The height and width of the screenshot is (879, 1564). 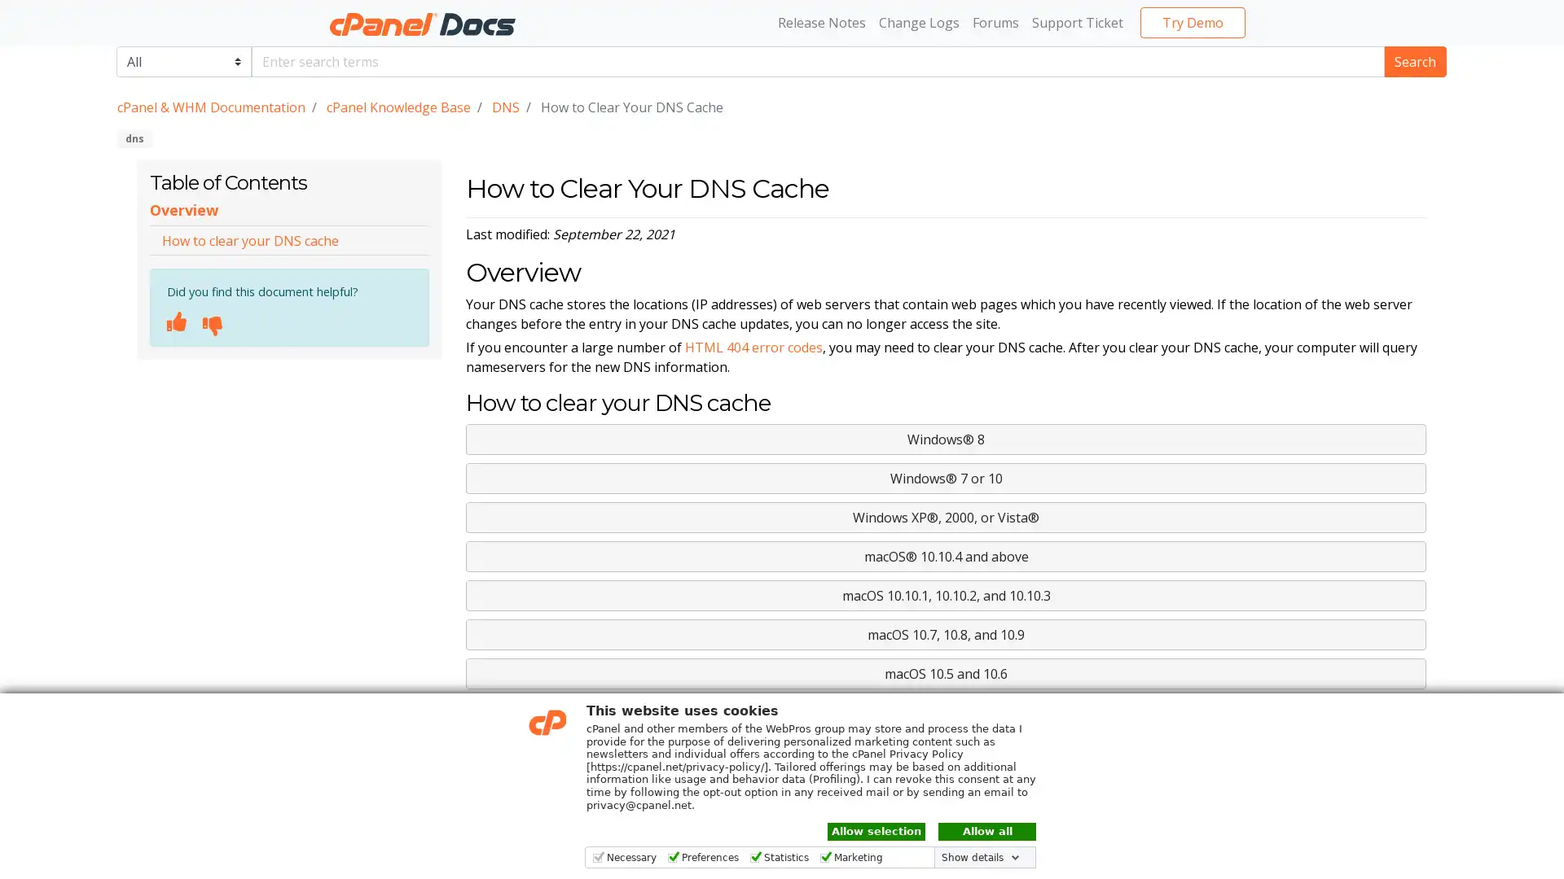 I want to click on Red Hat Enterprise Linux, CentOS, and related Linux releases, so click(x=946, y=790).